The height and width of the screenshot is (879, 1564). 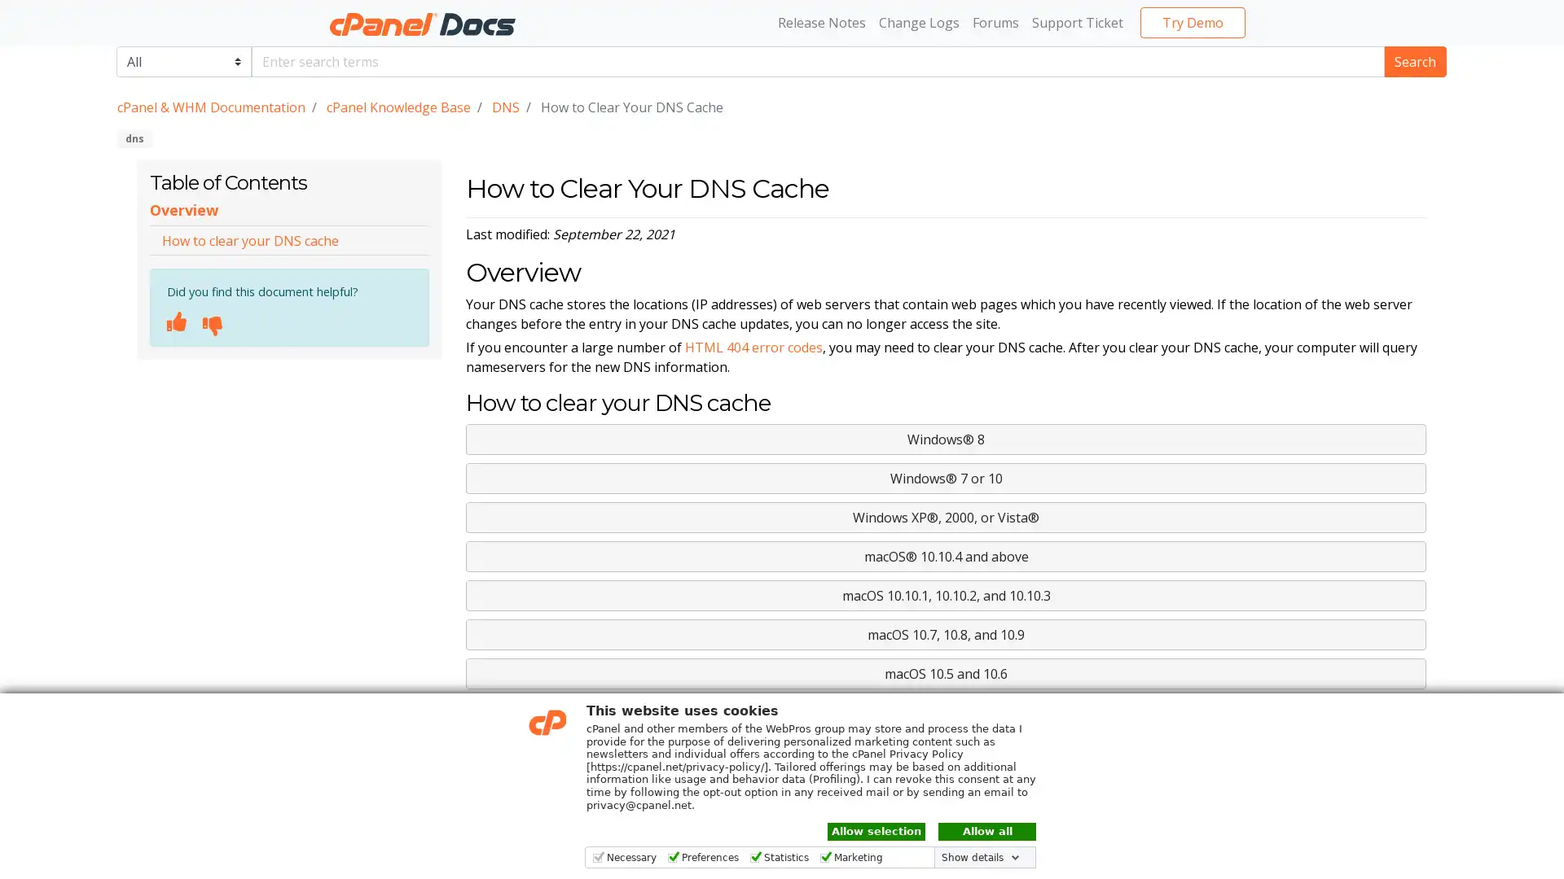 I want to click on Red Hat Enterprise Linux, CentOS, and related Linux releases, so click(x=946, y=790).